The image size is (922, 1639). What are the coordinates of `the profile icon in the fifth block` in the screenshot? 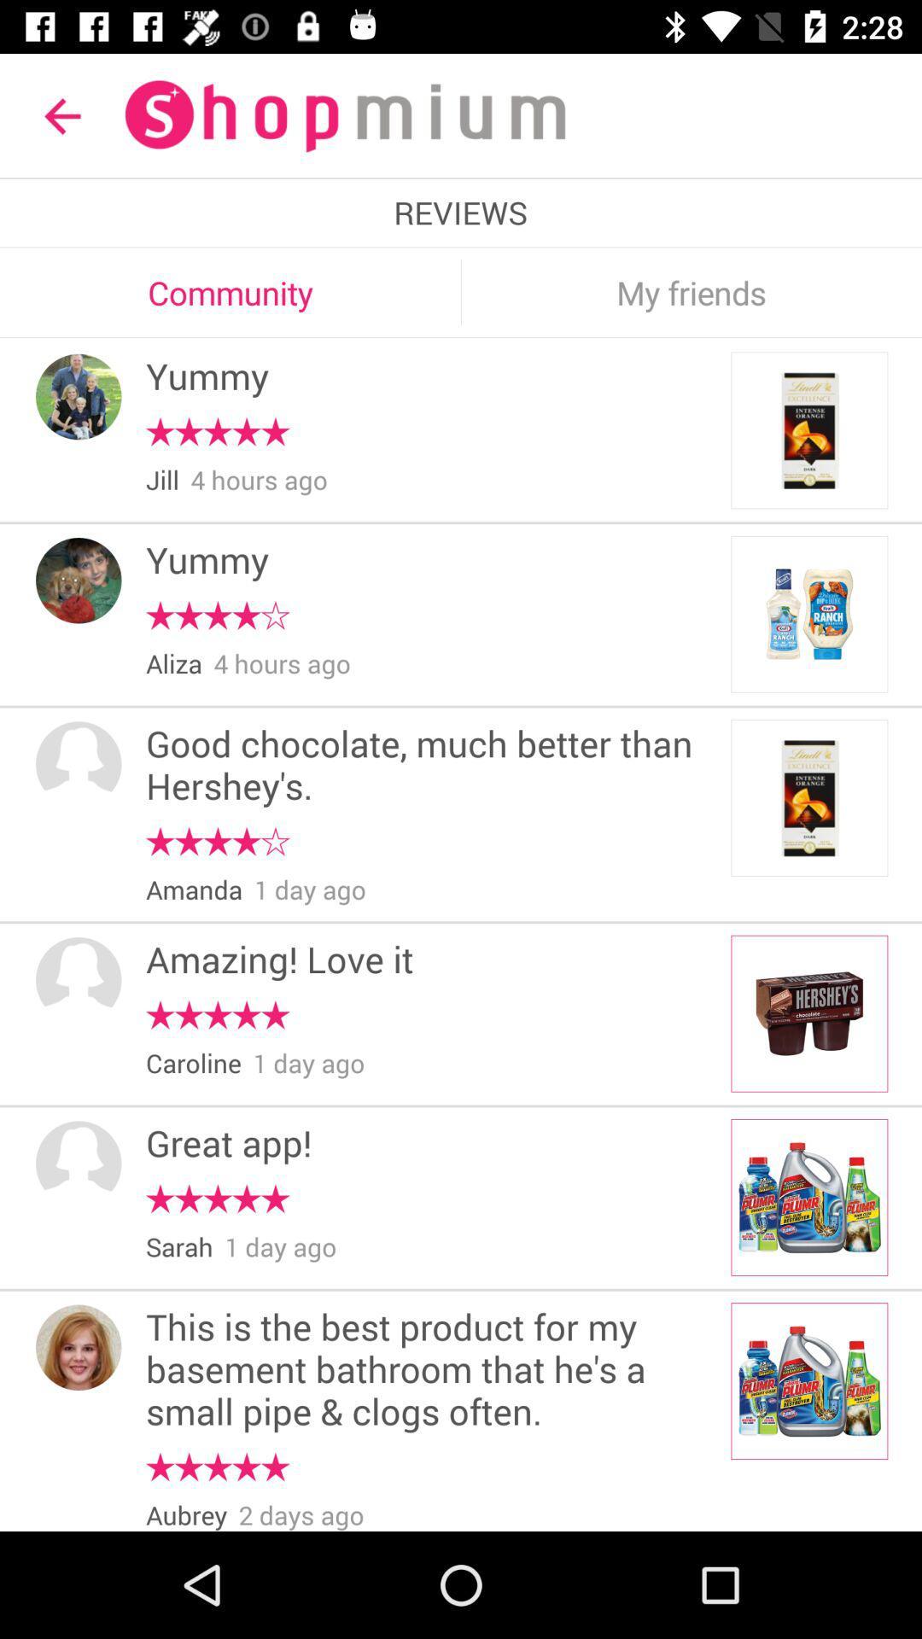 It's located at (79, 1163).